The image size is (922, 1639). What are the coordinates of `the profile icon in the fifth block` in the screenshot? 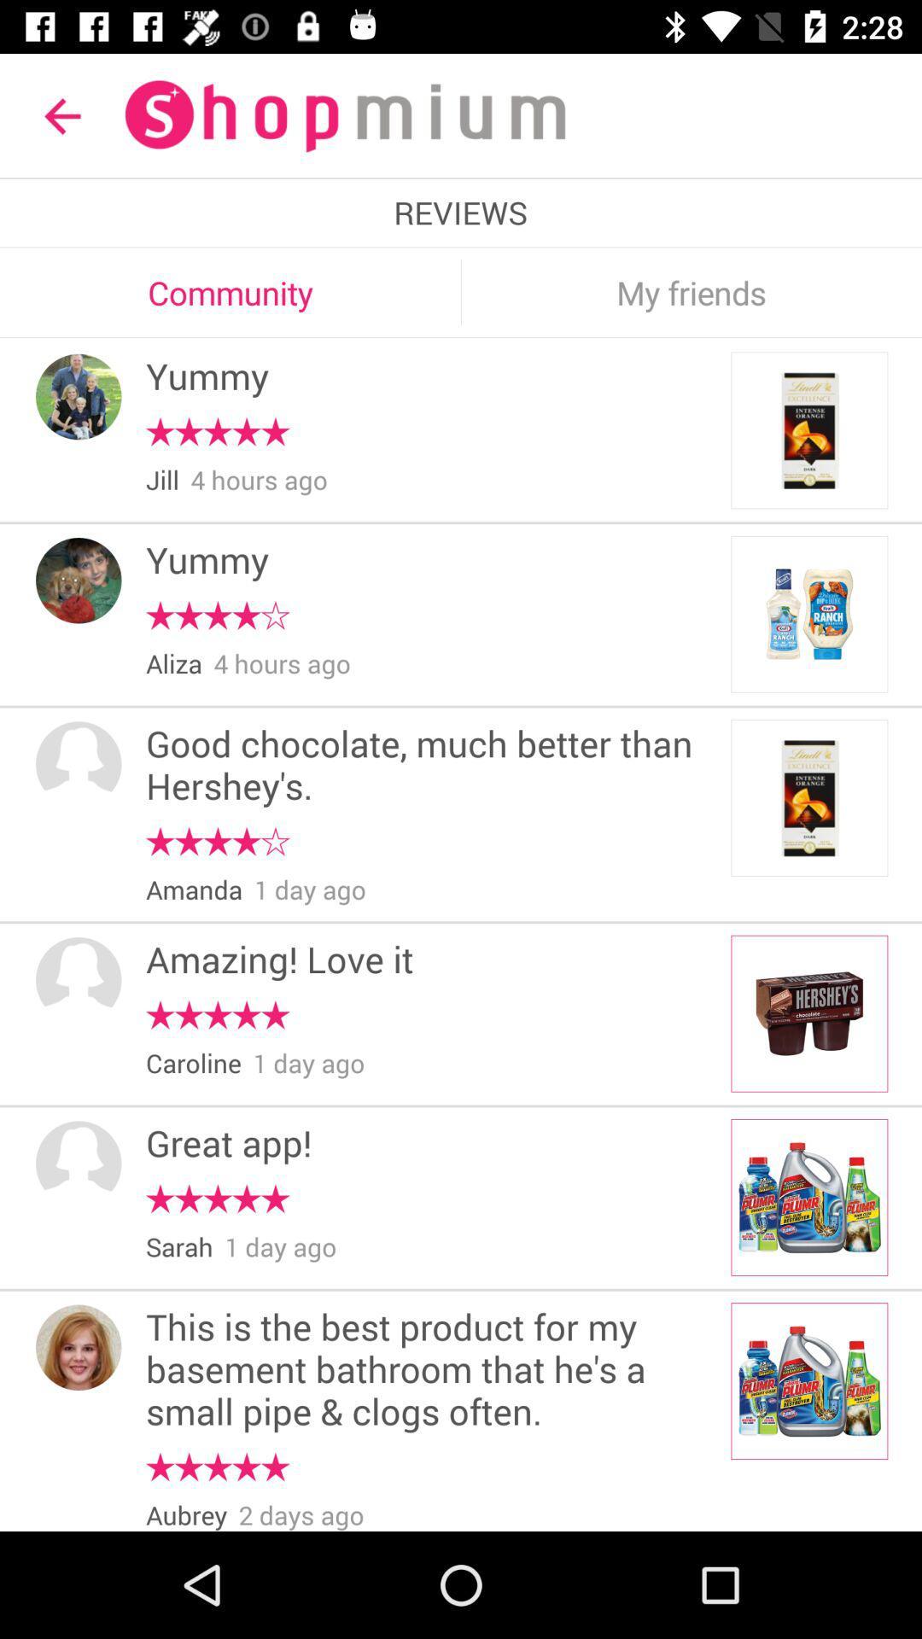 It's located at (79, 1163).